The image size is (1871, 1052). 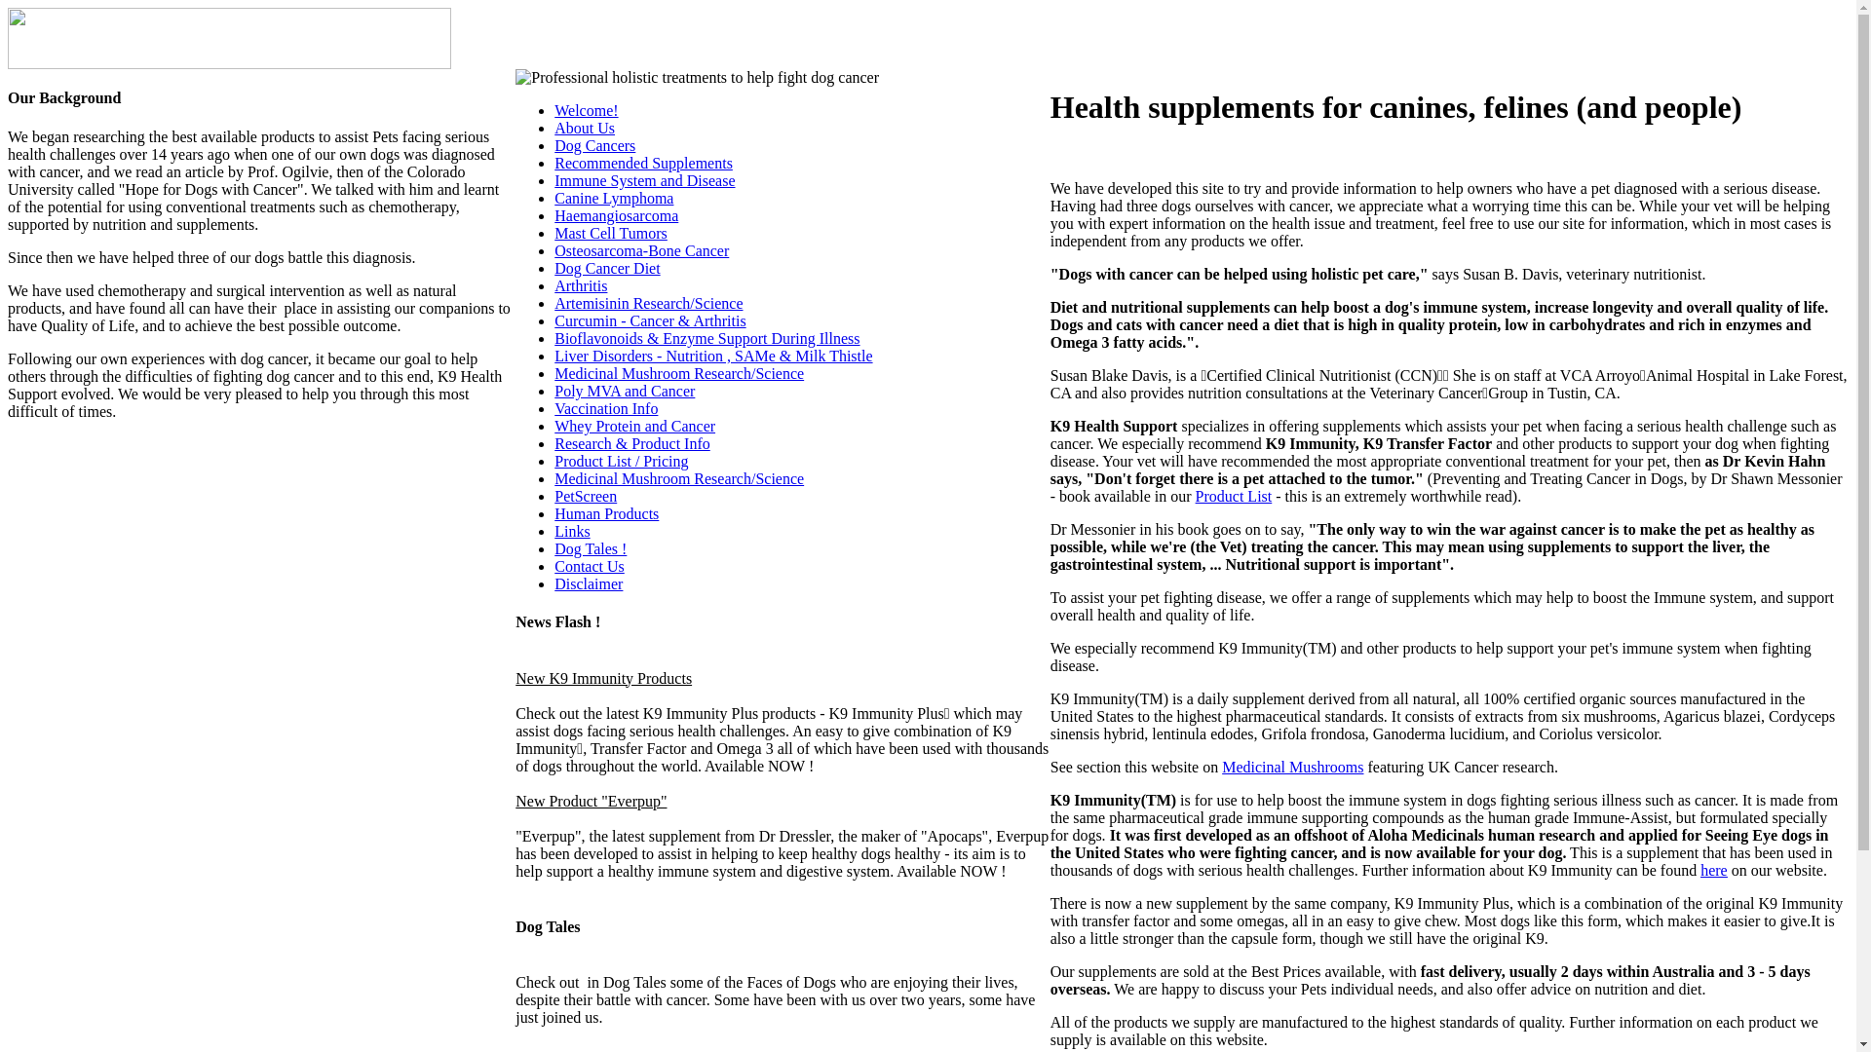 I want to click on 'Medicinal Mushroom Research/Science', so click(x=678, y=478).